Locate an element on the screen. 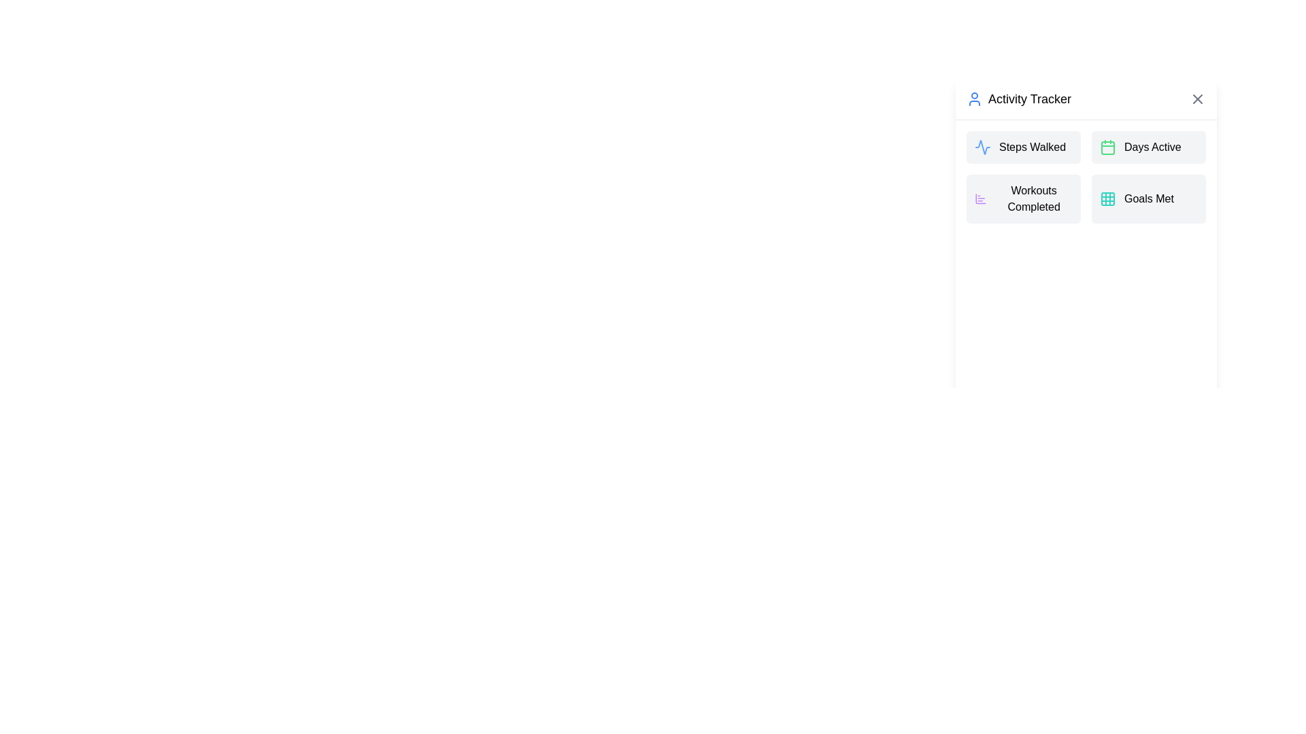 The height and width of the screenshot is (734, 1306). the 'Days Active' button-like widget with a green calendar icon in the upper right corner of the Activity Tracker interface is located at coordinates (1148, 147).